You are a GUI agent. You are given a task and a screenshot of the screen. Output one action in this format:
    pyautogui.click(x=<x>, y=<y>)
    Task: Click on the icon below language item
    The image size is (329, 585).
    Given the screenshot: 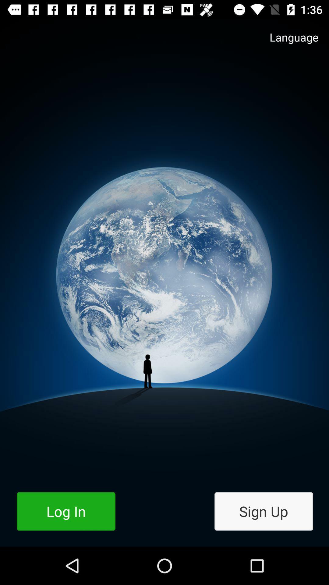 What is the action you would take?
    pyautogui.click(x=263, y=511)
    